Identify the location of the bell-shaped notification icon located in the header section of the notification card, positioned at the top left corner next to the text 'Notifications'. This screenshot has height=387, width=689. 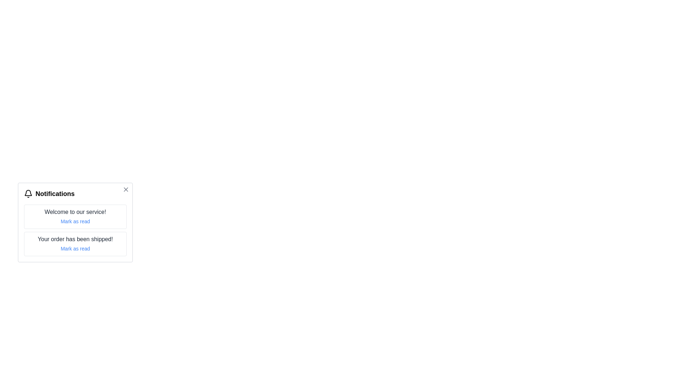
(28, 193).